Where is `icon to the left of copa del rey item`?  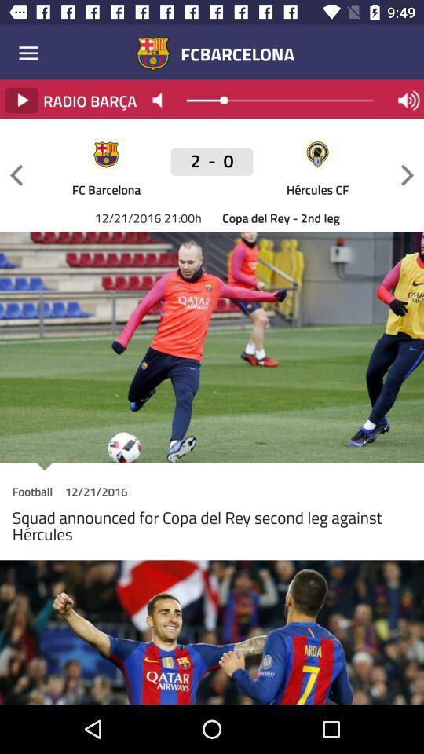
icon to the left of copa del rey item is located at coordinates (212, 170).